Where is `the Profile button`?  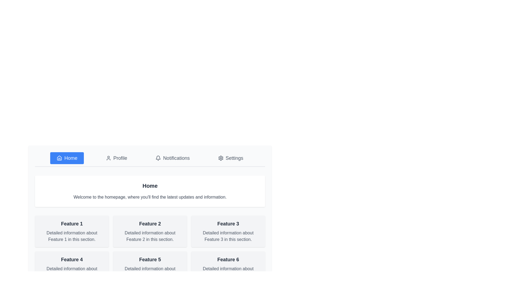 the Profile button is located at coordinates (116, 158).